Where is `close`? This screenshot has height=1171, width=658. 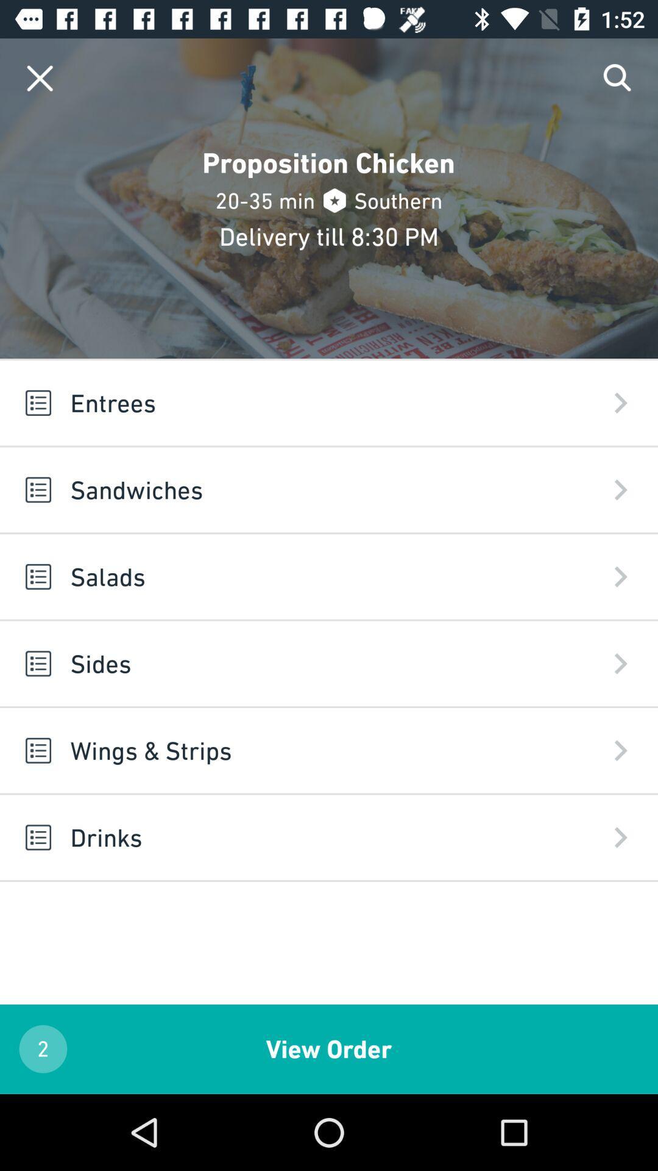 close is located at coordinates (39, 77).